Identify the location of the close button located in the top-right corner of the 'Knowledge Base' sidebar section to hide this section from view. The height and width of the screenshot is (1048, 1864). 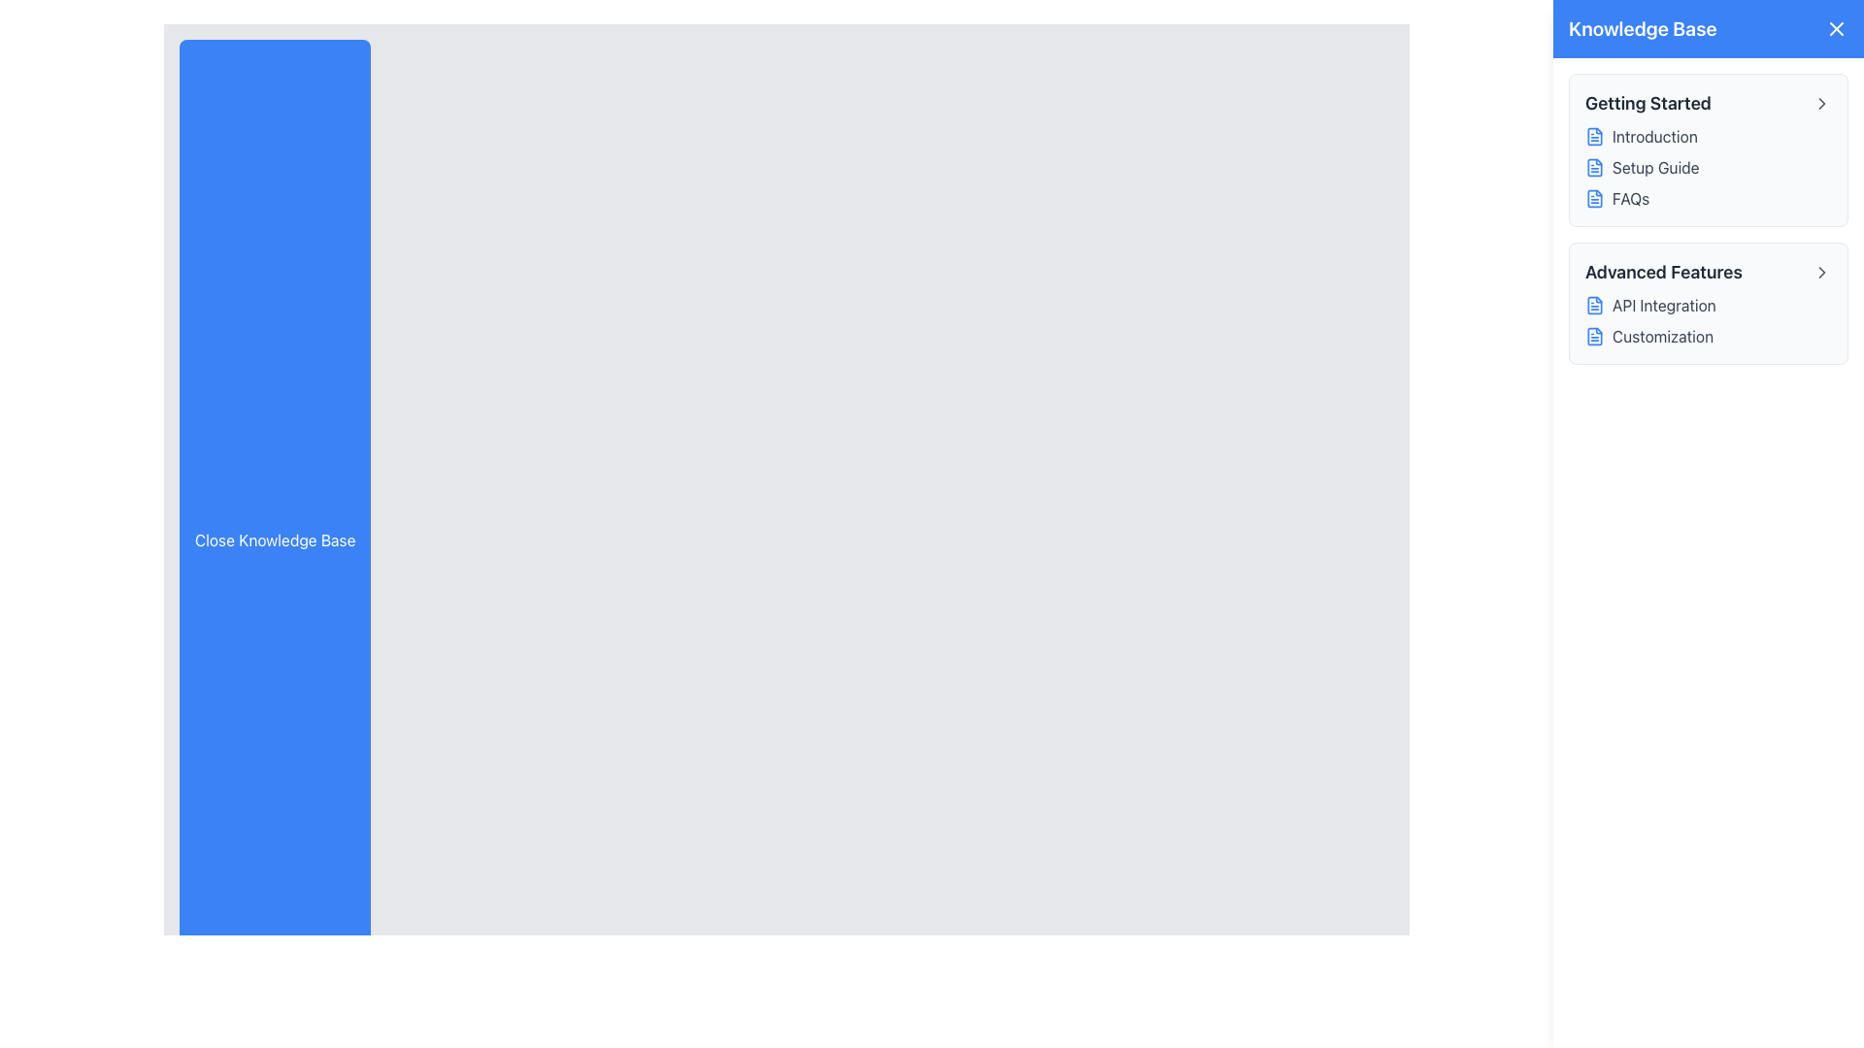
(1835, 29).